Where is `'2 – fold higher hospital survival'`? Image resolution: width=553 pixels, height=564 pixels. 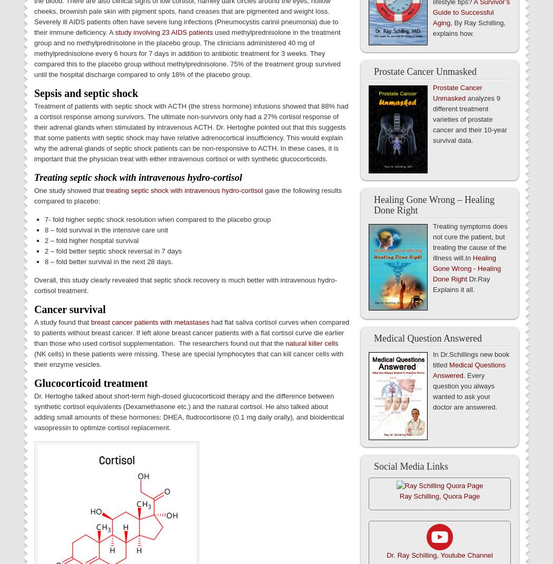
'2 – fold higher hospital survival' is located at coordinates (91, 240).